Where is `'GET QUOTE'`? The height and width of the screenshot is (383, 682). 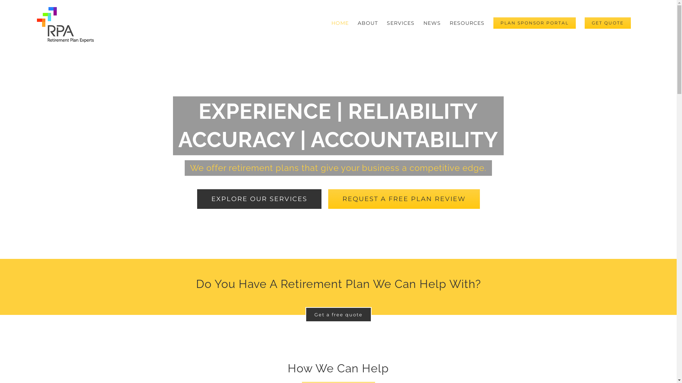
'GET QUOTE' is located at coordinates (607, 23).